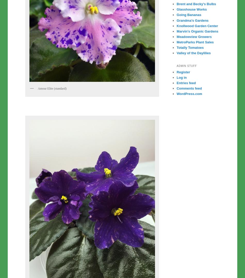 The image size is (245, 278). I want to click on 'Entries feed', so click(186, 83).